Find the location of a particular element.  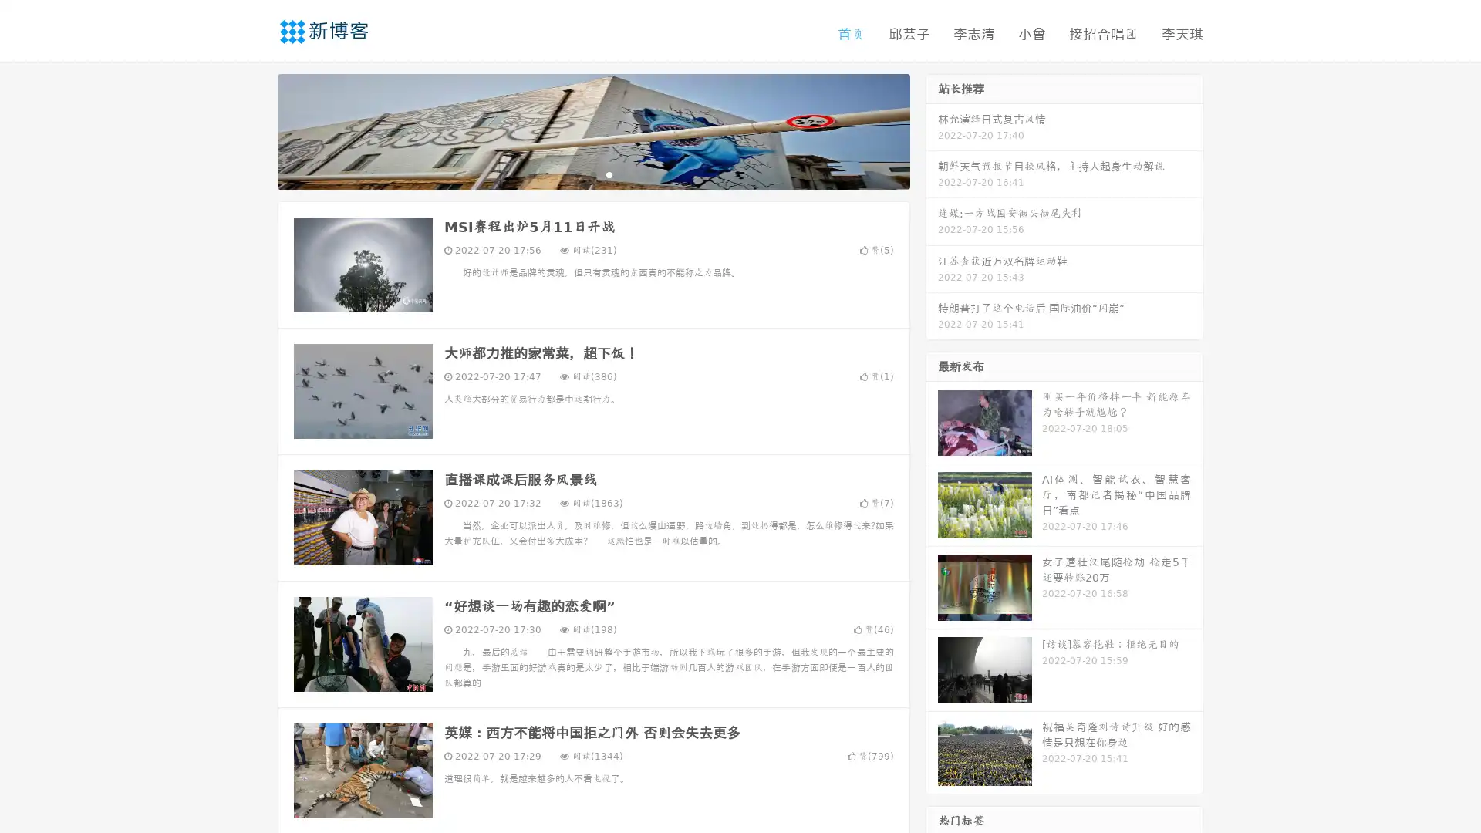

Previous slide is located at coordinates (255, 130).